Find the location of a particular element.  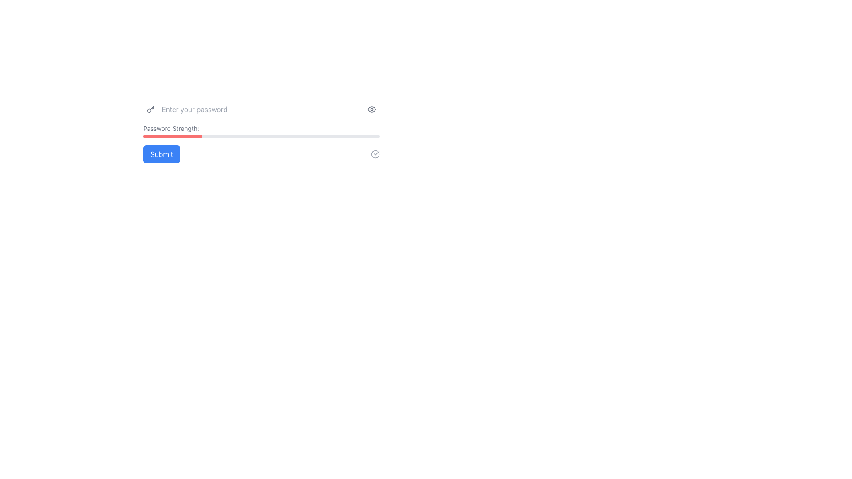

the horizontal progress bar with a rounded design, which has a light gray background and a red filled portion indicating progress, located under the text 'Password Strength:' is located at coordinates (261, 137).